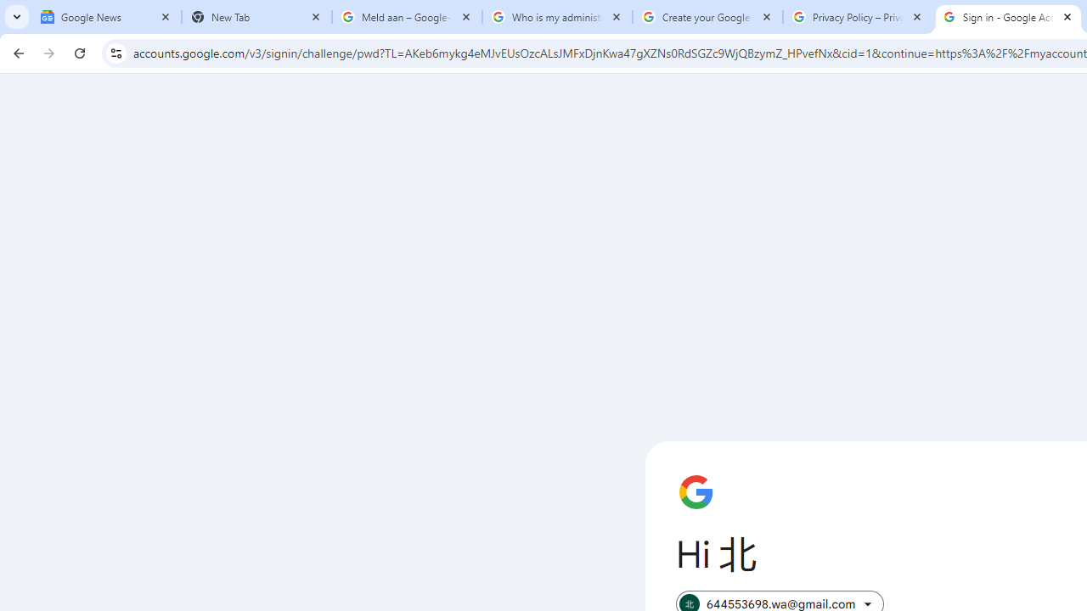 The width and height of the screenshot is (1087, 611). What do you see at coordinates (256, 17) in the screenshot?
I see `'New Tab'` at bounding box center [256, 17].